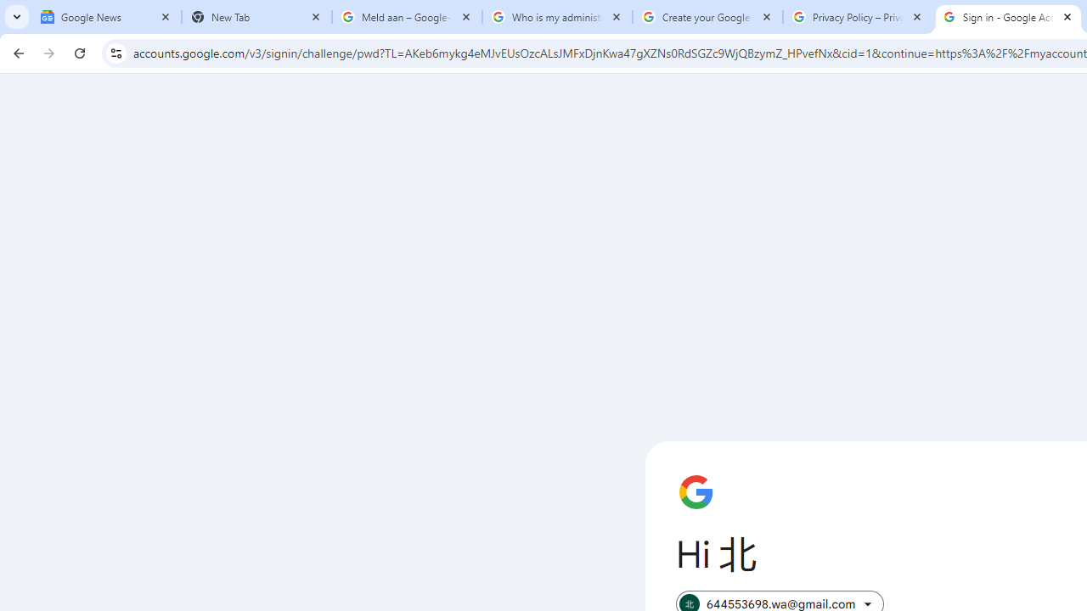 The width and height of the screenshot is (1087, 611). What do you see at coordinates (256, 17) in the screenshot?
I see `'New Tab'` at bounding box center [256, 17].